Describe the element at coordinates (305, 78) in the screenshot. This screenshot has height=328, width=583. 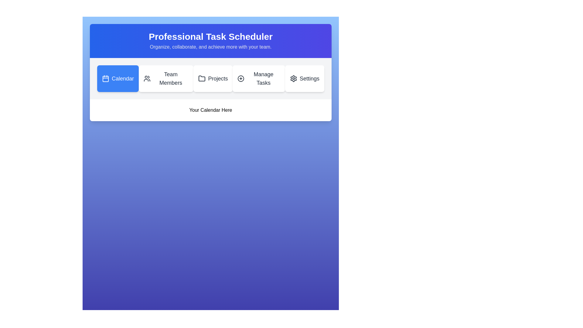
I see `the 'Settings' navigation button to redirect to the settings page` at that location.